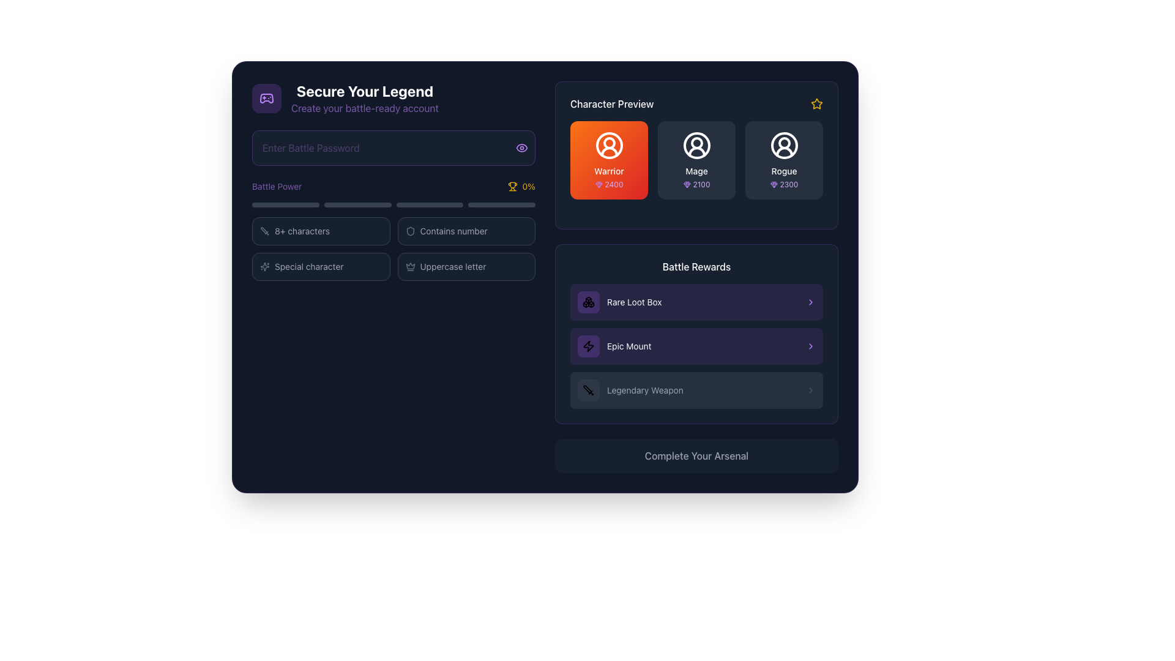 The image size is (1175, 661). I want to click on the star-shaped icon with a yellow border and dark fill located at the top-right corner of the 'Character Preview' section, so click(816, 103).